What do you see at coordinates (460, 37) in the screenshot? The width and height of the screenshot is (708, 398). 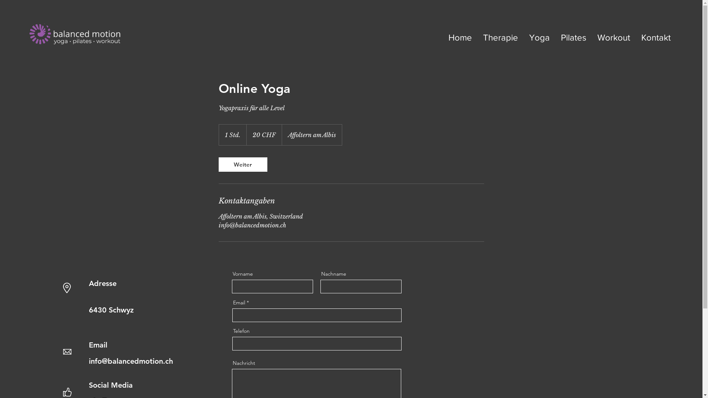 I see `'Home'` at bounding box center [460, 37].